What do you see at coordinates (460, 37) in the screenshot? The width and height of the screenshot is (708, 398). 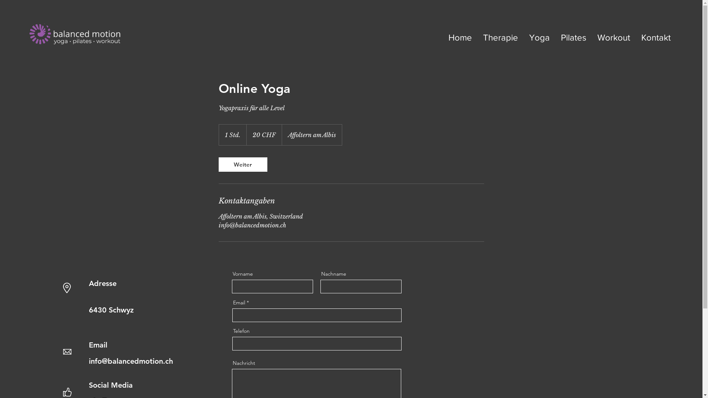 I see `'Home'` at bounding box center [460, 37].